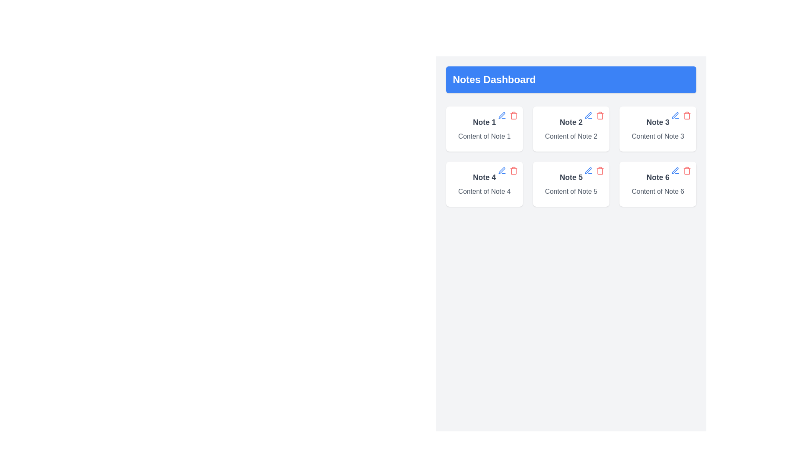  I want to click on the static text label that identifies the note card, located in the second column of the second row in the Notes Dashboard interface, so click(484, 177).